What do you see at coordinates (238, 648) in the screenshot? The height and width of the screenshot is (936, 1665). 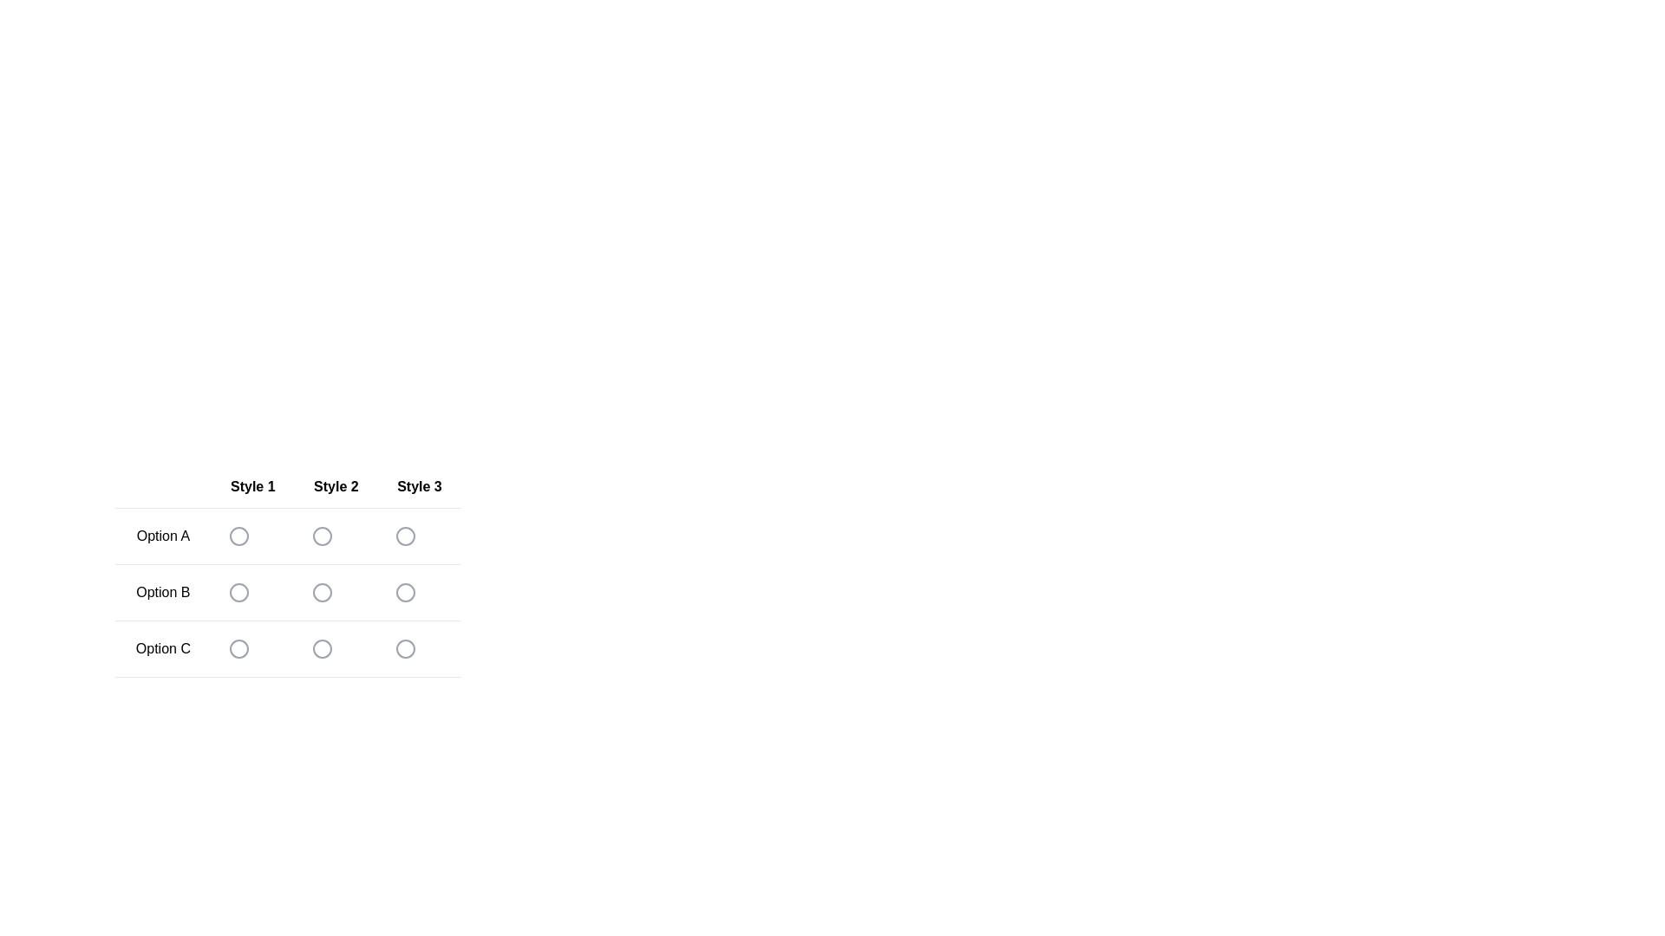 I see `the selectable circular option for 'Style 1' under 'Option C'` at bounding box center [238, 648].